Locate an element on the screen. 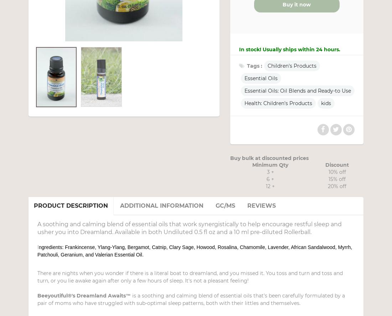 This screenshot has height=316, width=392. 'ngredients: Frankincense, Ylang-Ylang, Bergamot, Catnip, Clary Sage, Howood, Rosalina, Chamomile, Lavender, African Sandalwood, Myrrh, Patchouli, Geranium, and Valerian Essential Oil.' is located at coordinates (195, 251).